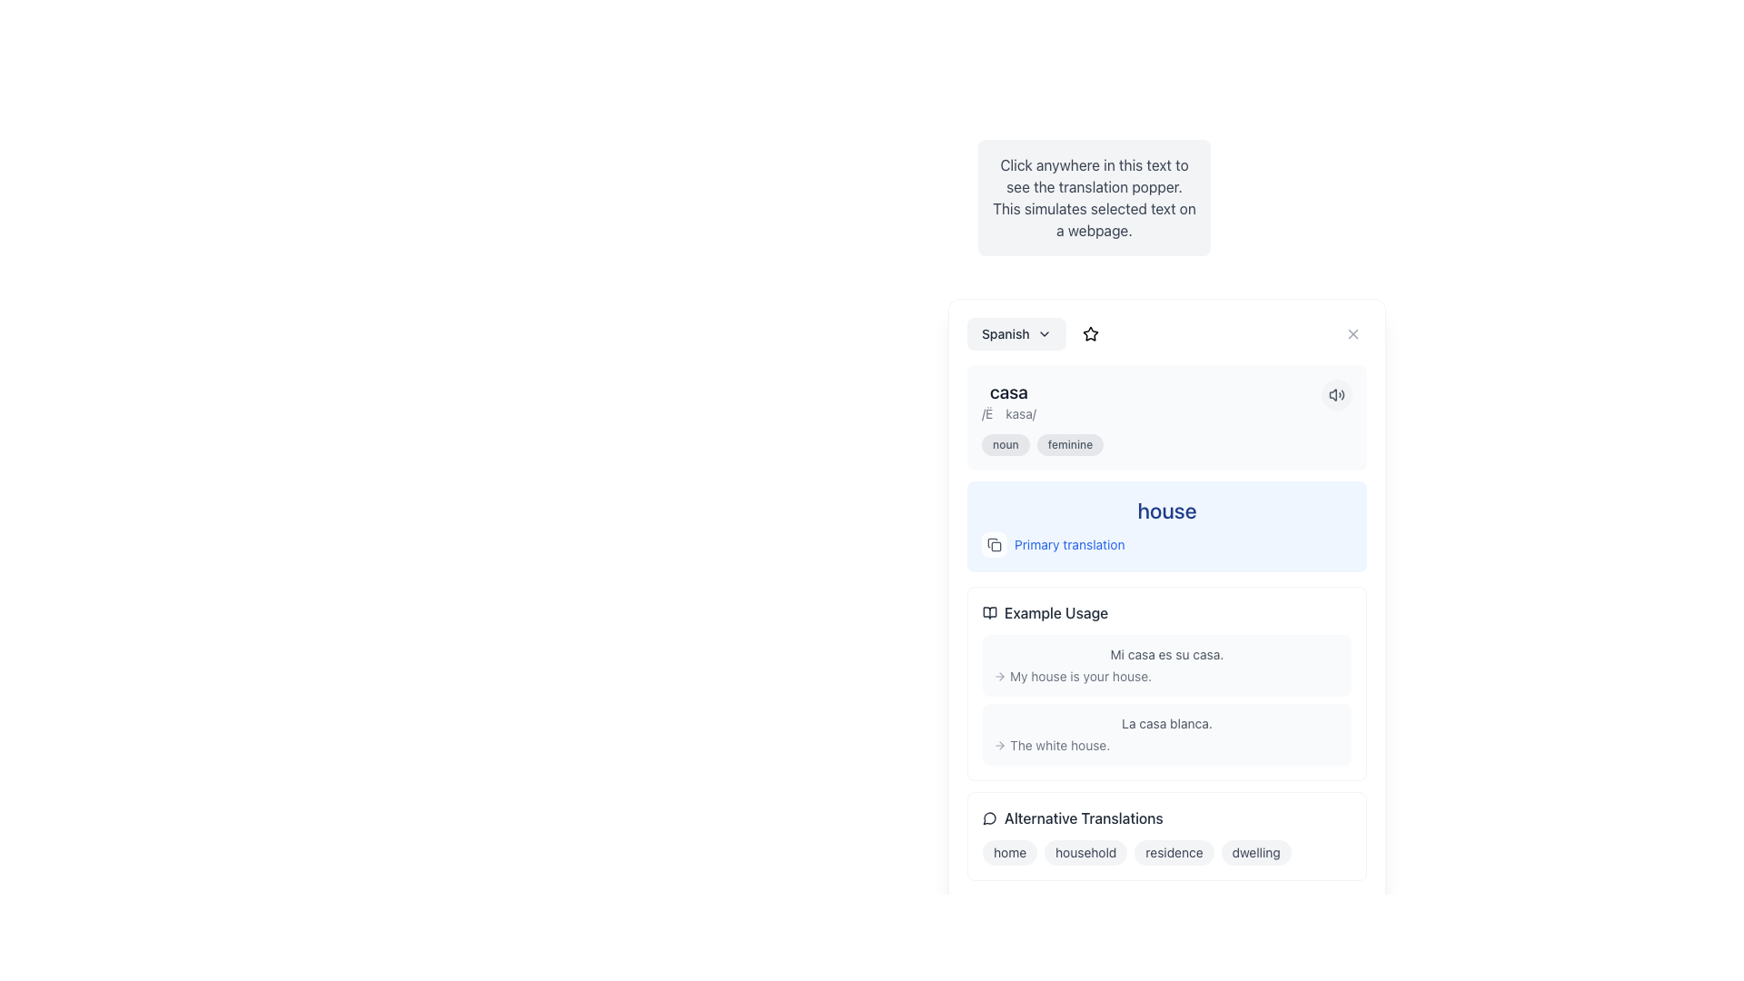 Image resolution: width=1744 pixels, height=981 pixels. I want to click on speech bubble SVG icon element located on the right side of the application interface, slightly above the center vertically, using developer tools, so click(988, 818).